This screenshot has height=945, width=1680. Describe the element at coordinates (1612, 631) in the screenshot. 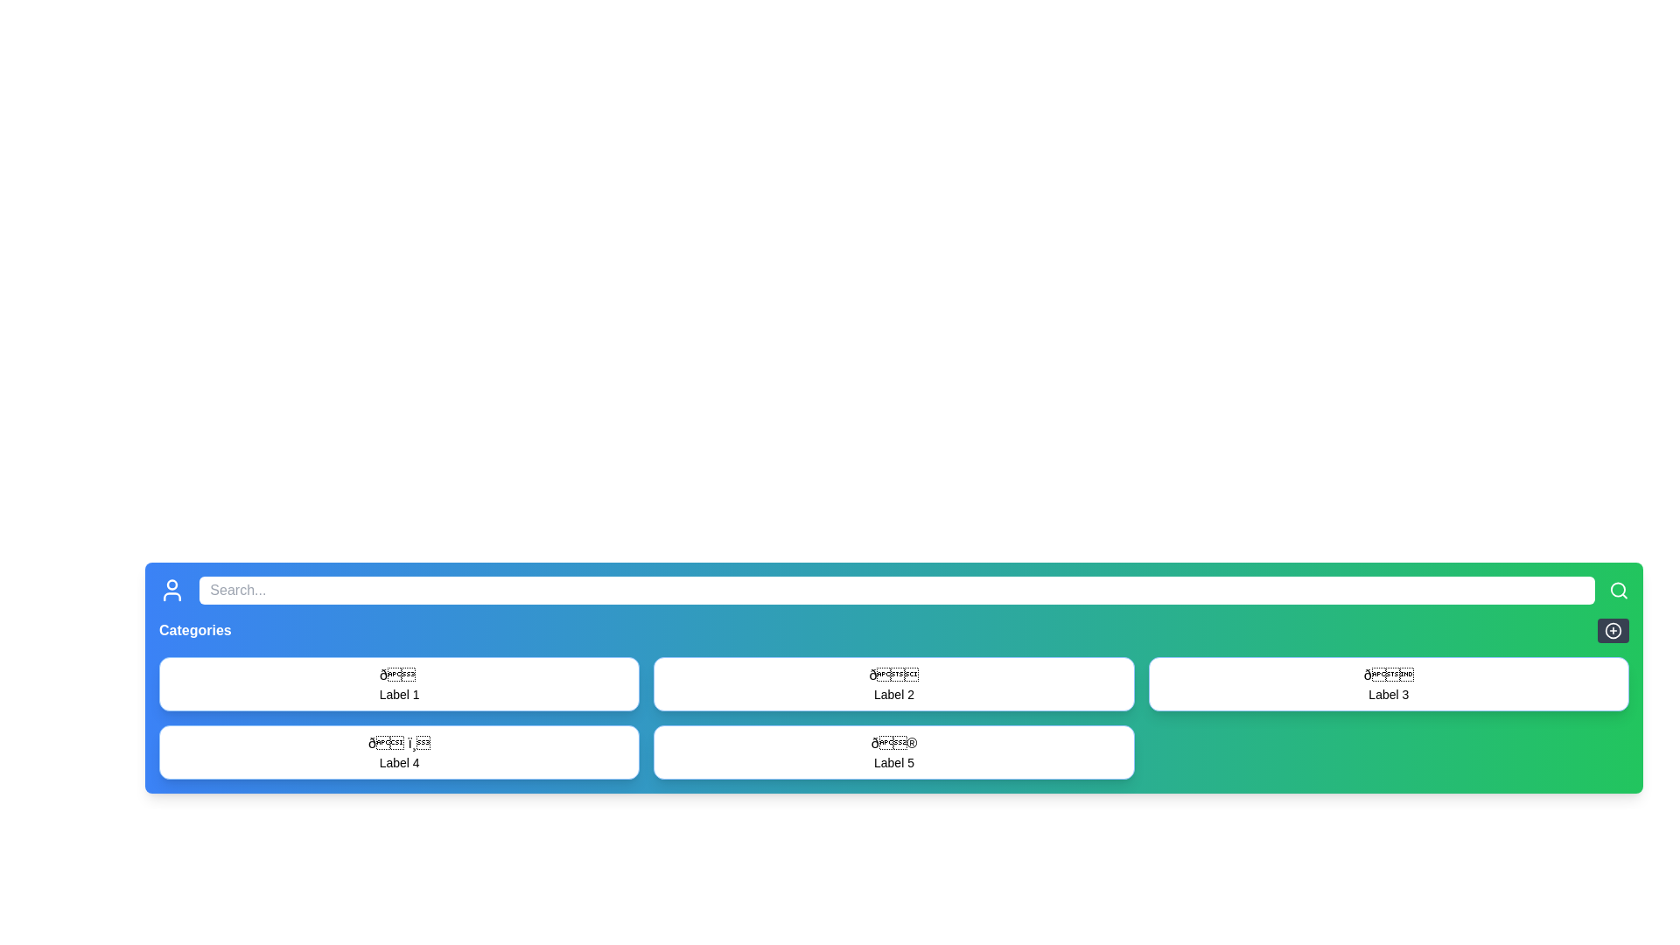

I see `circular SVG shape component that serves as part of a decorative and interactive visual element, located at the top-right corner of the panel` at that location.